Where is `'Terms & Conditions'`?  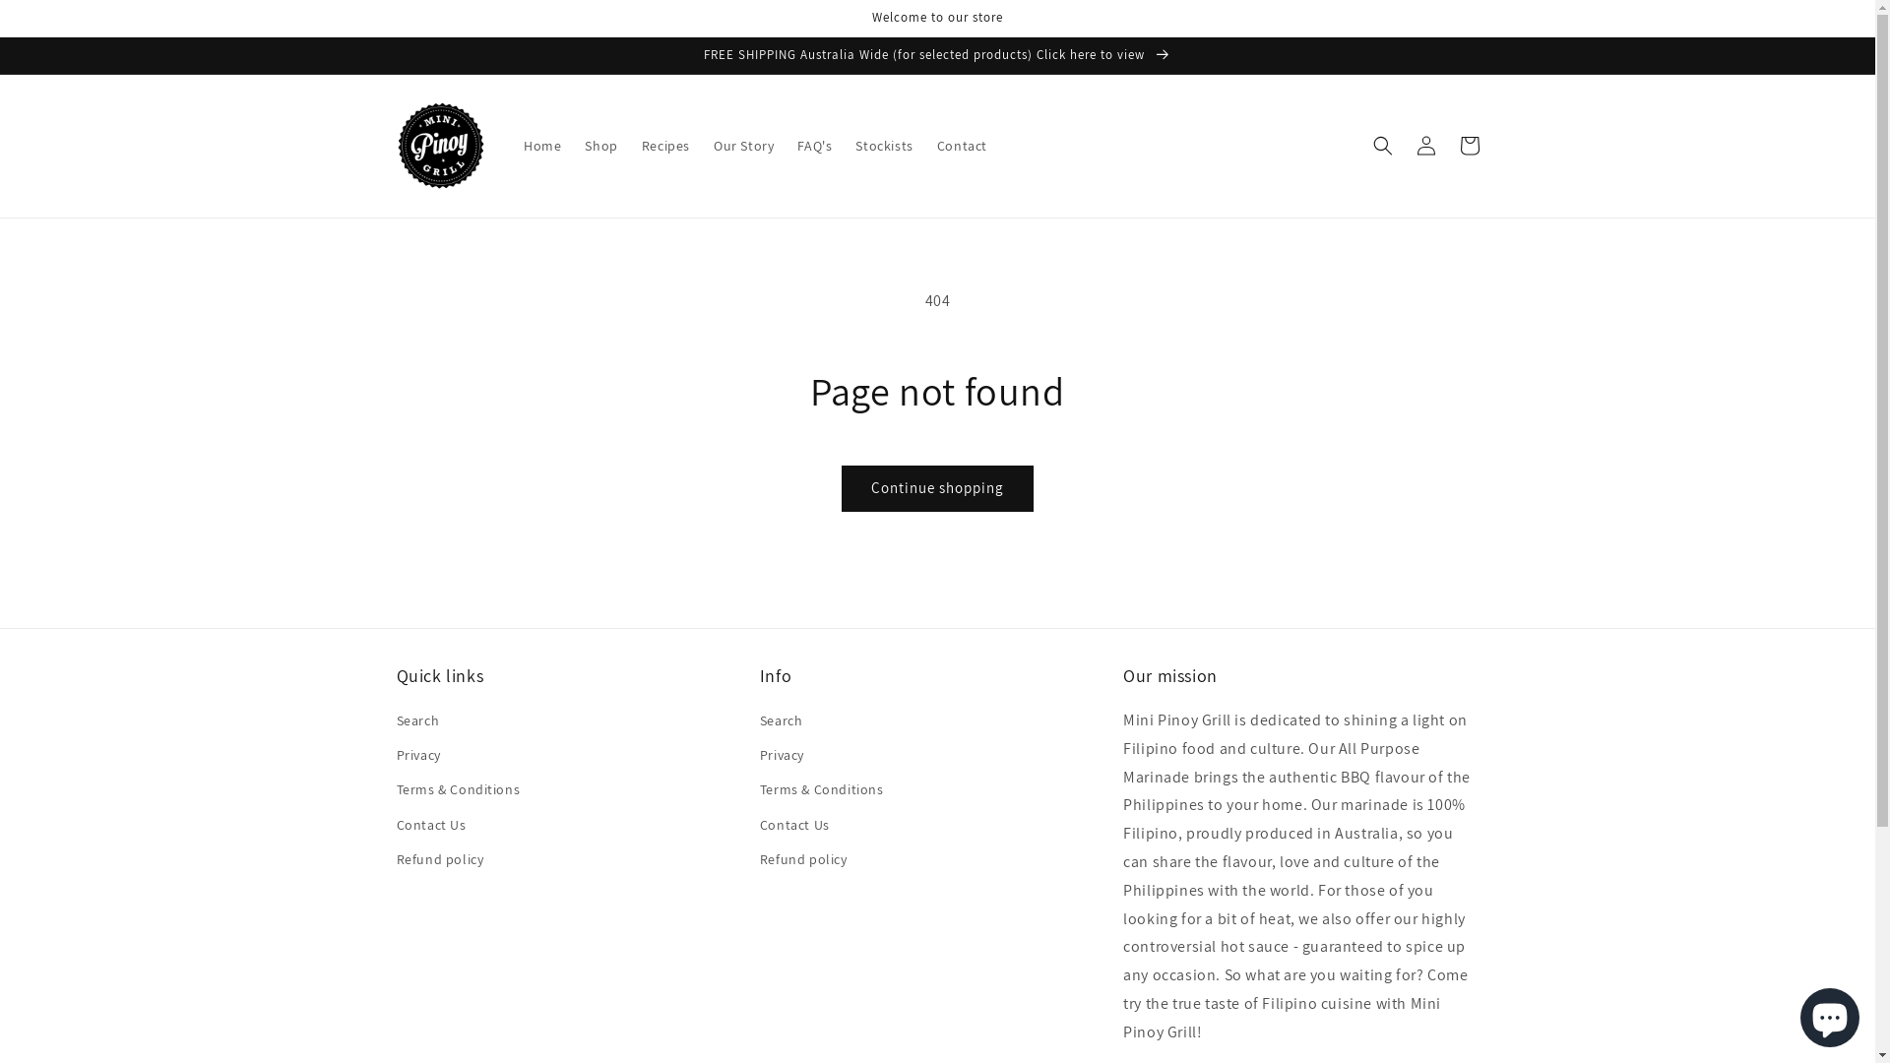
'Terms & Conditions' is located at coordinates (822, 788).